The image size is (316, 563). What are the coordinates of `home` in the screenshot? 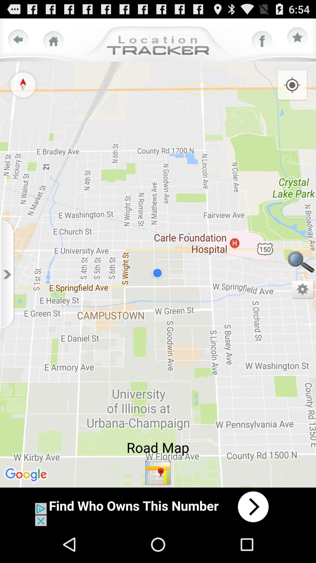 It's located at (54, 41).